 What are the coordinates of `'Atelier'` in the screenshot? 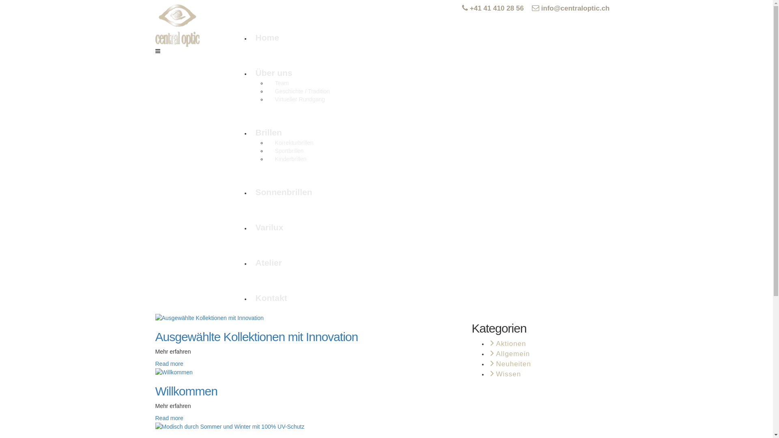 It's located at (250, 262).